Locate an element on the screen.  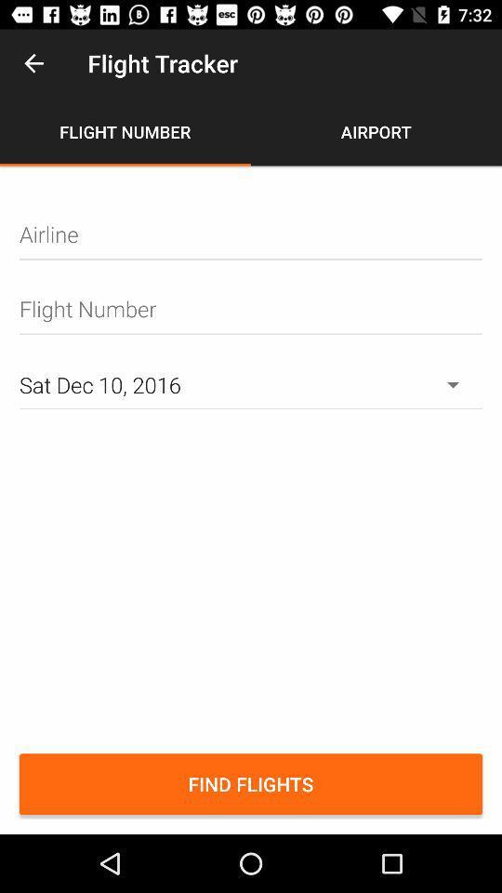
flight number is located at coordinates (251, 309).